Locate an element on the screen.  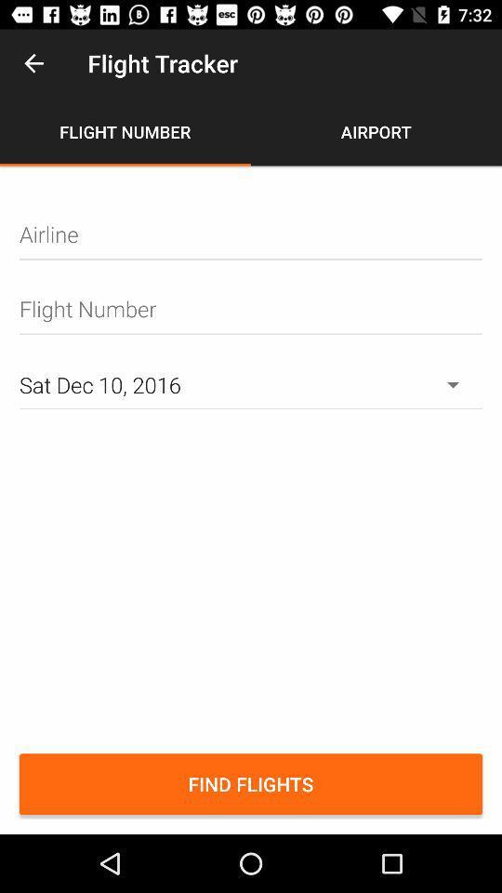
flight number is located at coordinates (251, 309).